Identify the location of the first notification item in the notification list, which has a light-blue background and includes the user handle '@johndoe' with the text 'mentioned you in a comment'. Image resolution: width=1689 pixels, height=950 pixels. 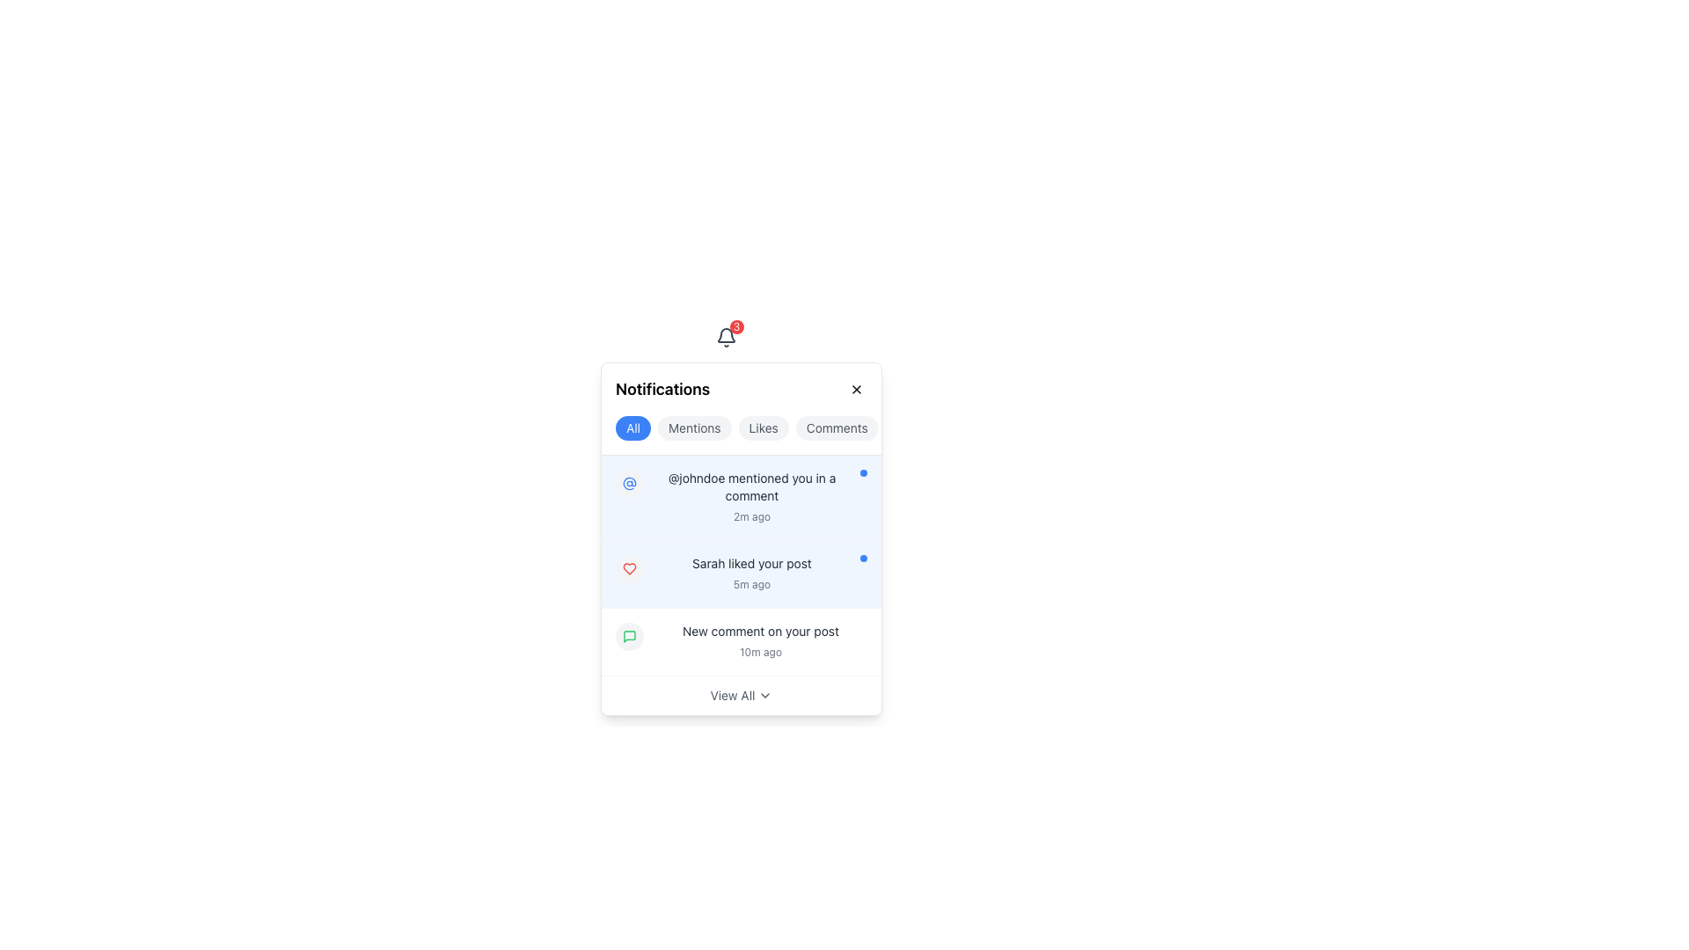
(742, 498).